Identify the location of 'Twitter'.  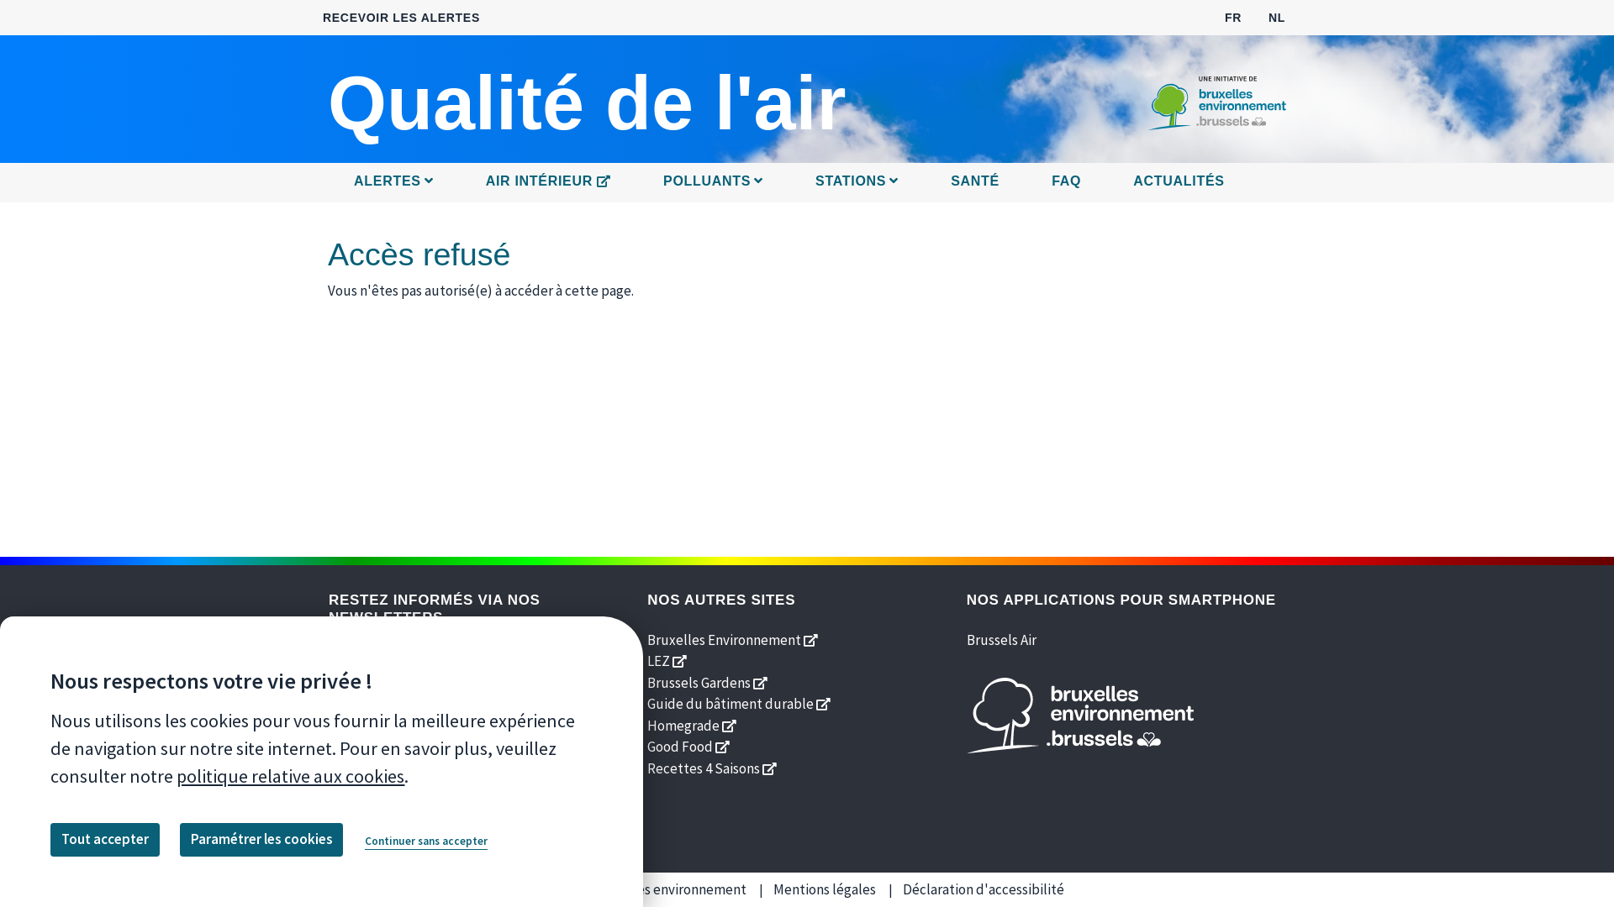
(381, 760).